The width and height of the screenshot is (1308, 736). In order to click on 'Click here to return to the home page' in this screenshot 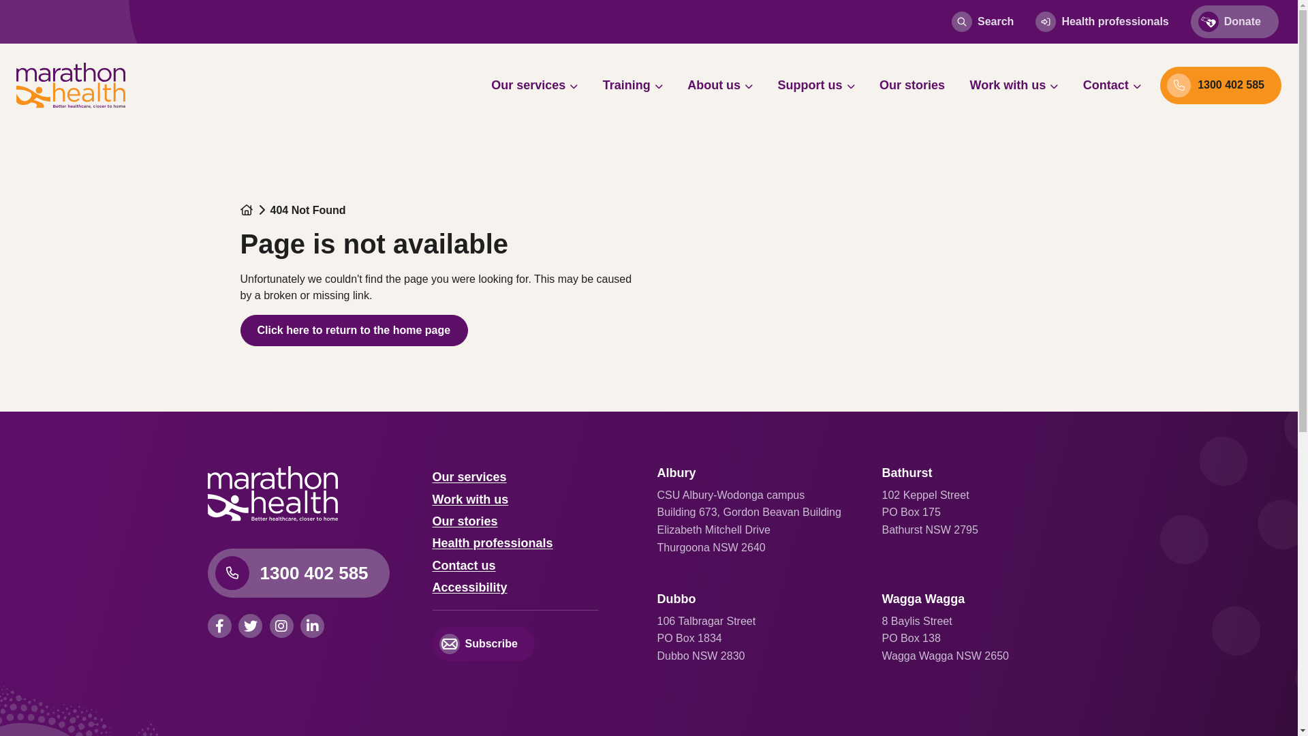, I will do `click(354, 331)`.